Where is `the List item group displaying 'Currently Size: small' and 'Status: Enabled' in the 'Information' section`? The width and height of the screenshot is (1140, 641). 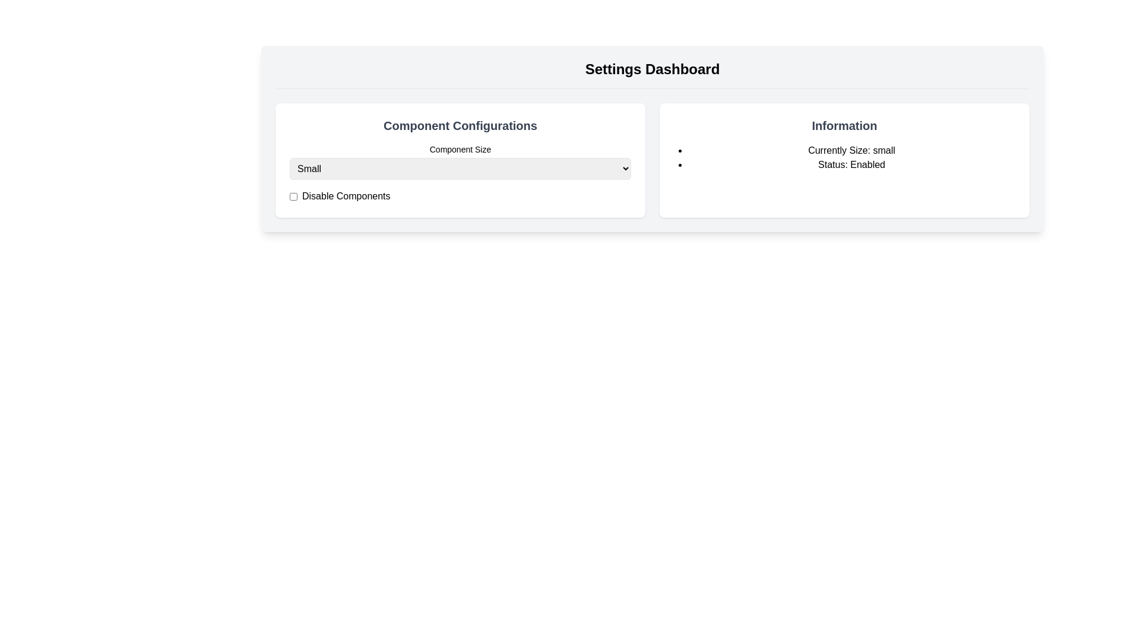
the List item group displaying 'Currently Size: small' and 'Status: Enabled' in the 'Information' section is located at coordinates (844, 157).